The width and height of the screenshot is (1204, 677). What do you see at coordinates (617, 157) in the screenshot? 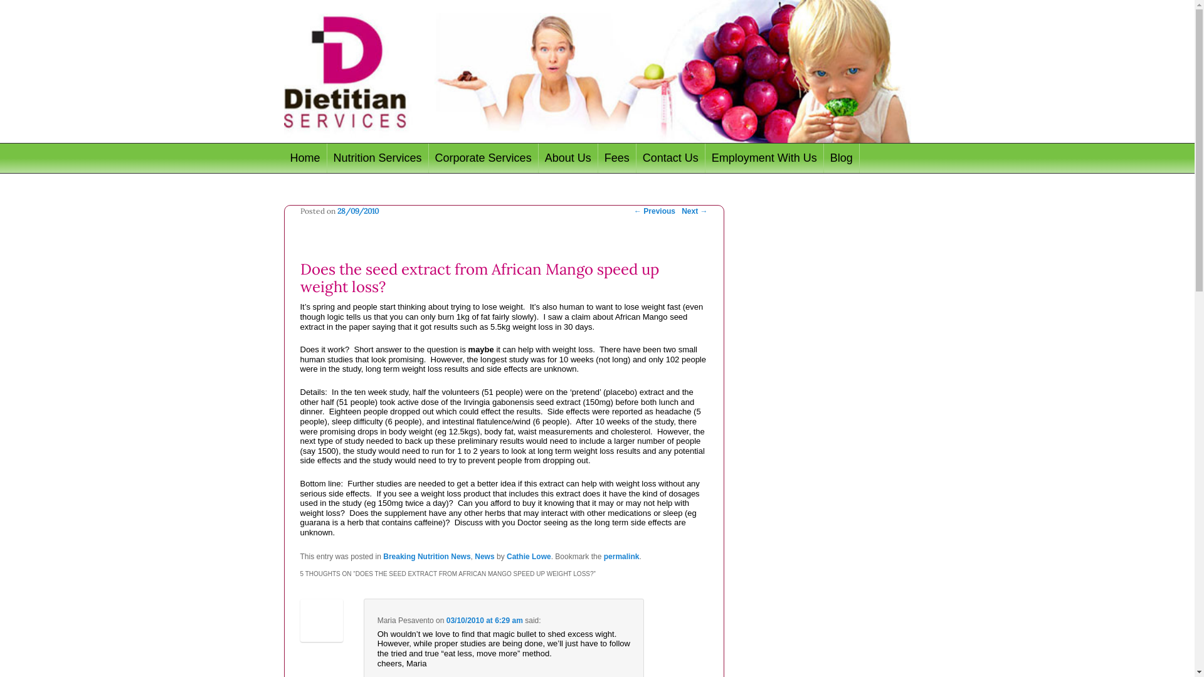
I see `'Fees'` at bounding box center [617, 157].